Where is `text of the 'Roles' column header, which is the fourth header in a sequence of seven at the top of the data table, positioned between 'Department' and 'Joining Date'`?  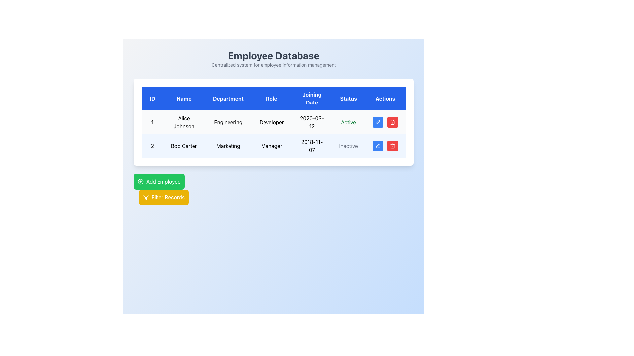 text of the 'Roles' column header, which is the fourth header in a sequence of seven at the top of the data table, positioned between 'Department' and 'Joining Date' is located at coordinates (271, 99).